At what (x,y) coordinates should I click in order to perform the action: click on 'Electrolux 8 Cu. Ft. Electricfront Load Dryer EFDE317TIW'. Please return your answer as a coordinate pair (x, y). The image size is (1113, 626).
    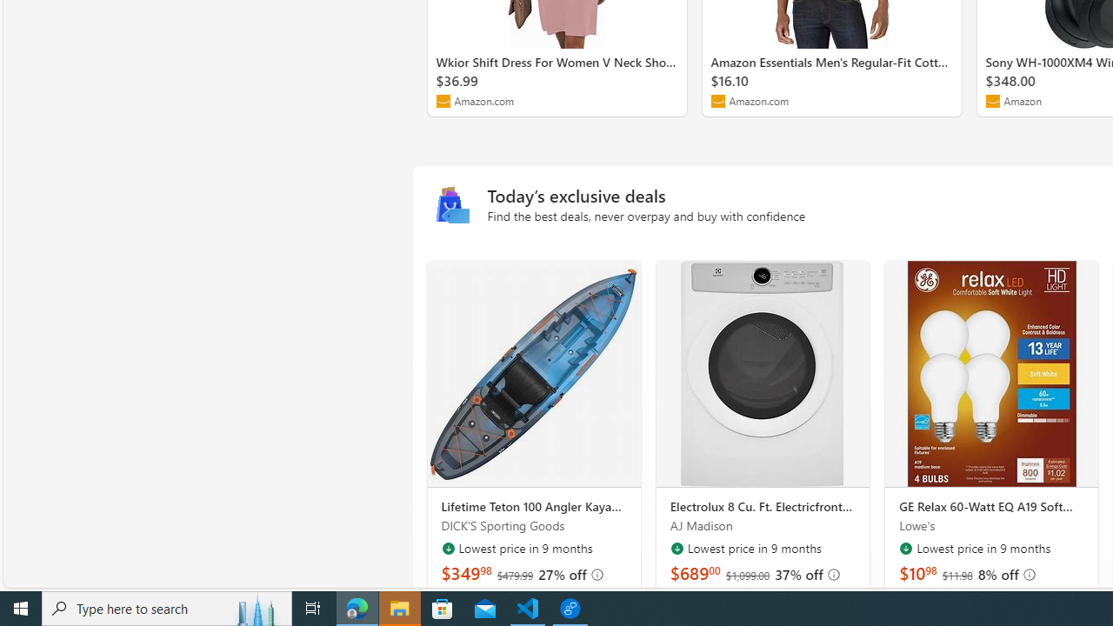
    Looking at the image, I should click on (763, 373).